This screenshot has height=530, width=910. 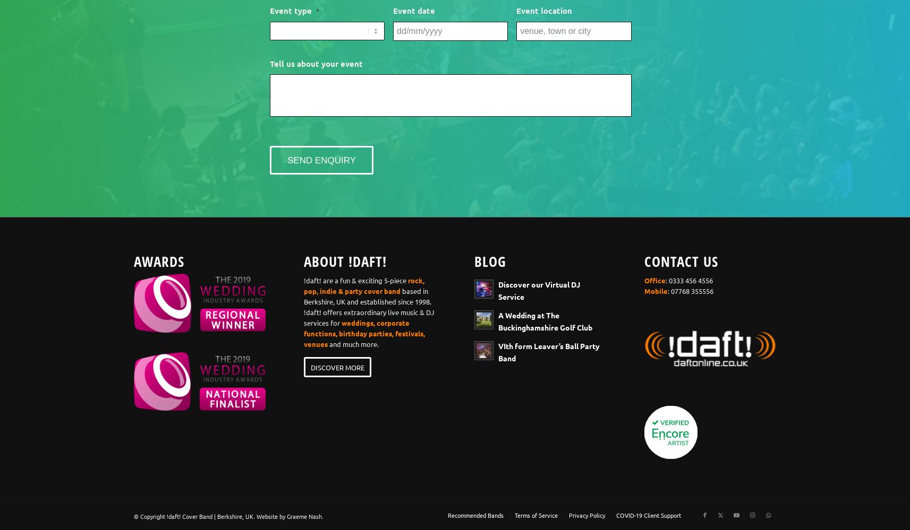 I want to click on 'and much more.', so click(x=353, y=343).